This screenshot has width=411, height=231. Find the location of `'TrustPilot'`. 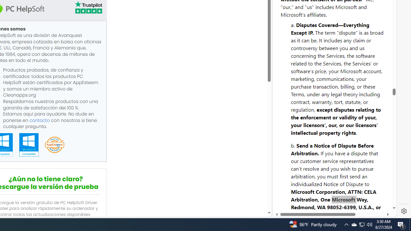

'TrustPilot' is located at coordinates (88, 7).